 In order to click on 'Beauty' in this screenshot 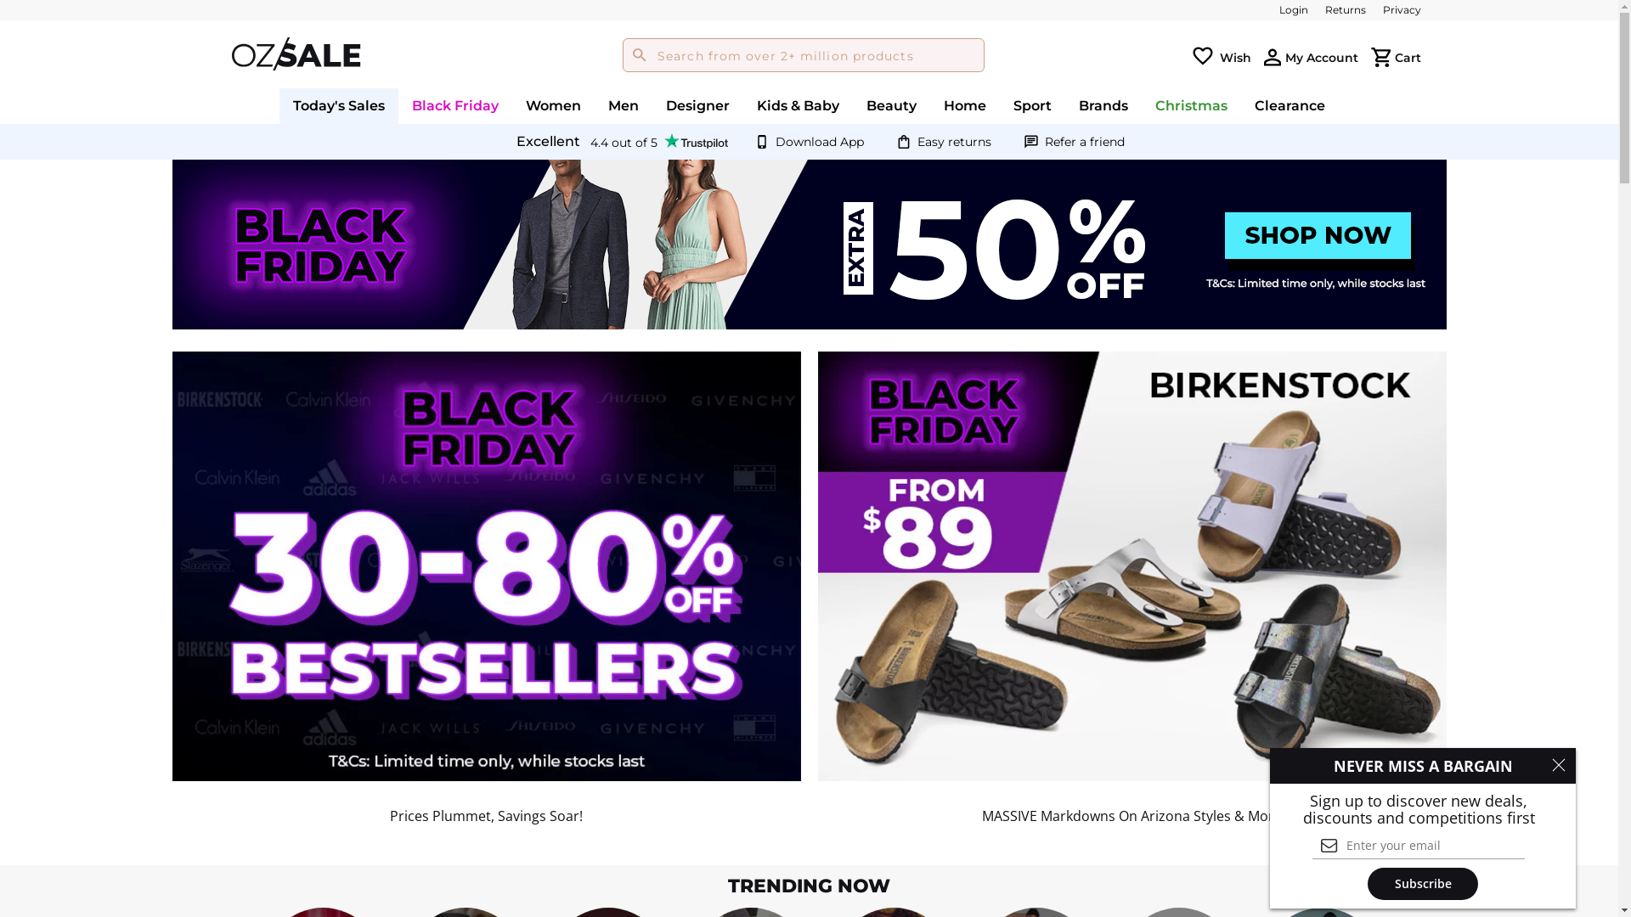, I will do `click(890, 105)`.